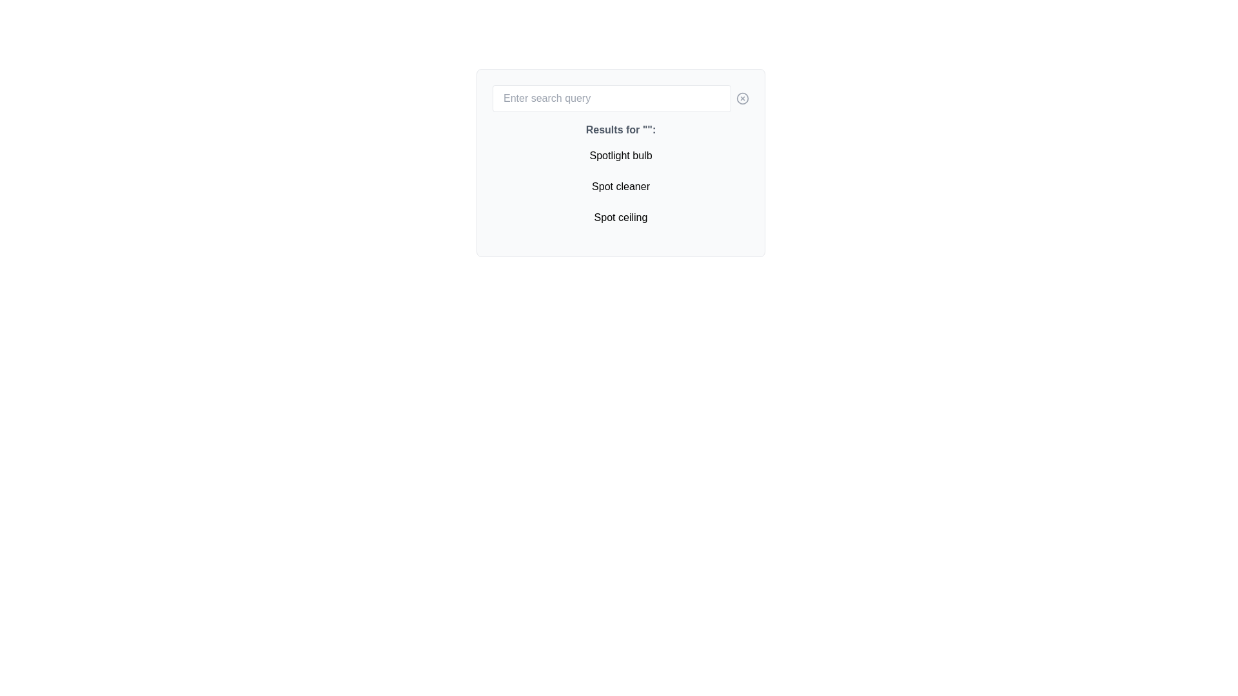 This screenshot has width=1238, height=696. Describe the element at coordinates (631, 155) in the screenshot. I see `the whitespace divider located at the end of the word 'Spotlight' in the text 'Spotlight bulb' within the second item of a list` at that location.